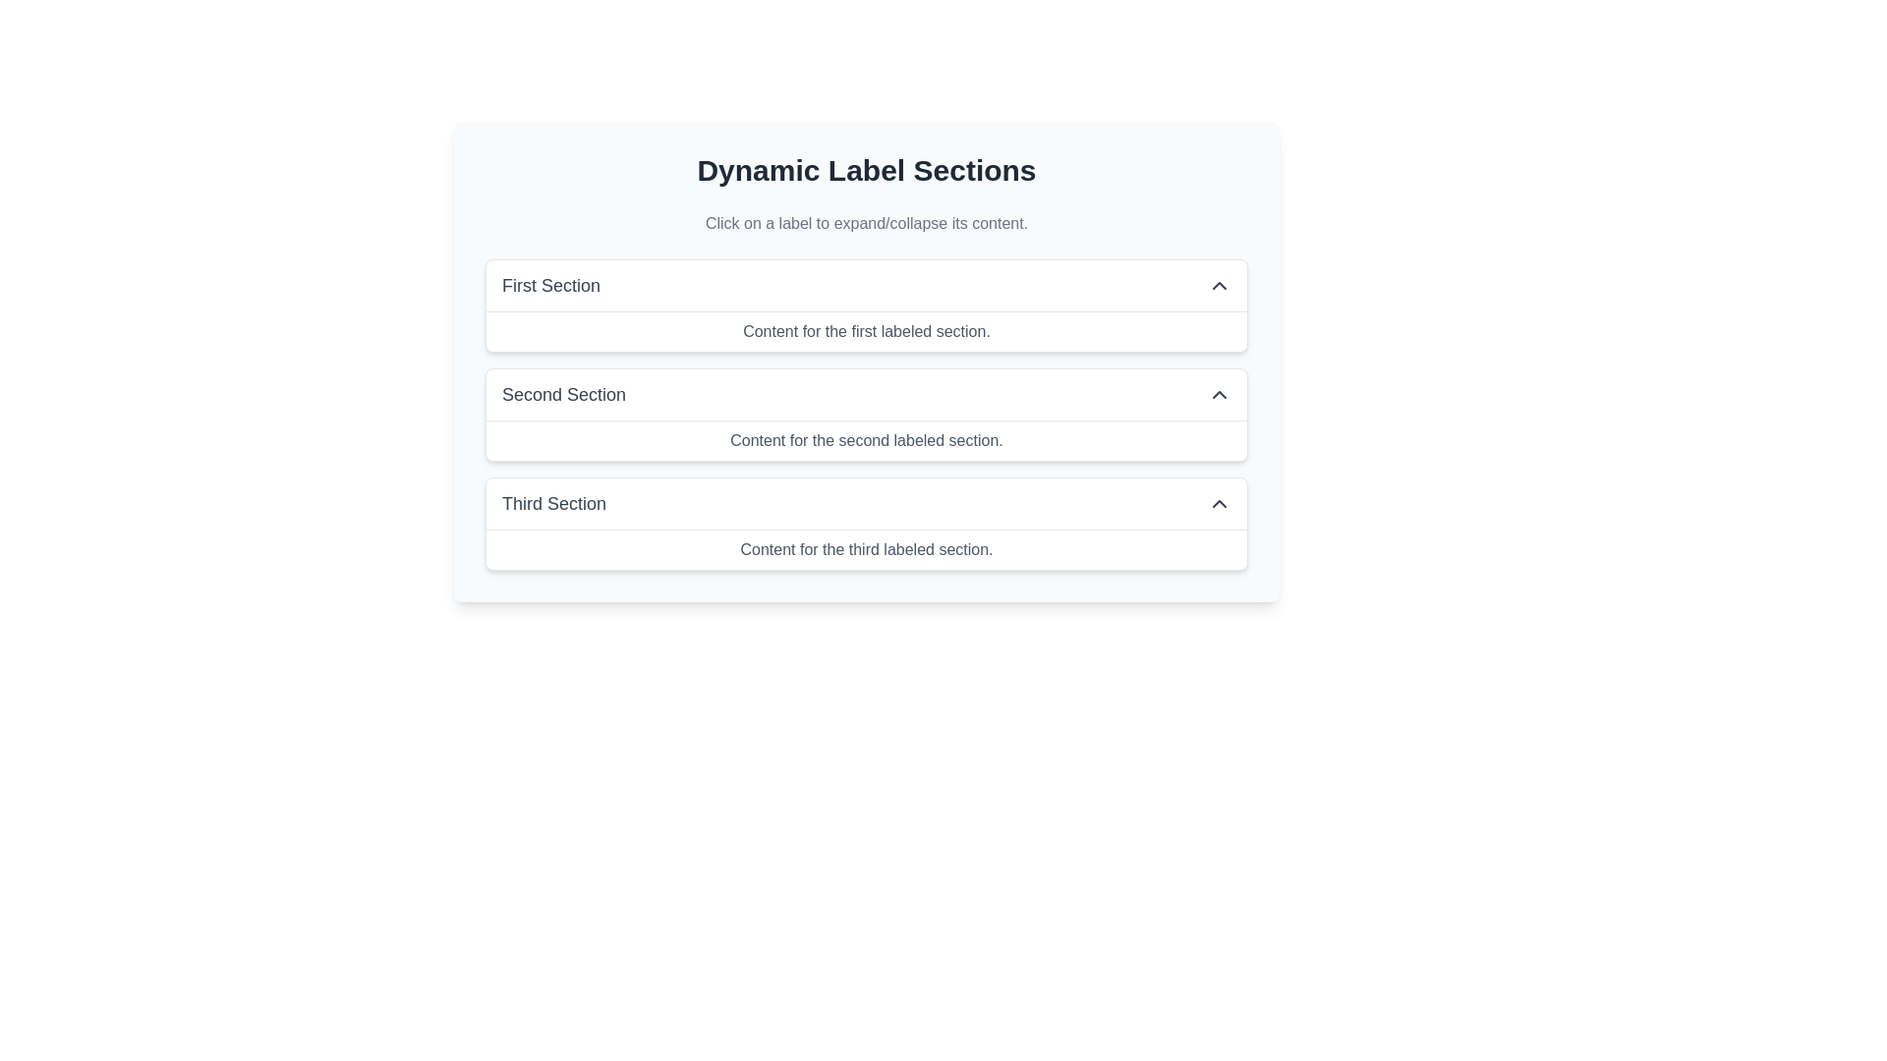 The width and height of the screenshot is (1887, 1061). What do you see at coordinates (866, 394) in the screenshot?
I see `the toggle button to change the visibility of the 'Second Section' content located between 'First Section' and 'Third Section'` at bounding box center [866, 394].